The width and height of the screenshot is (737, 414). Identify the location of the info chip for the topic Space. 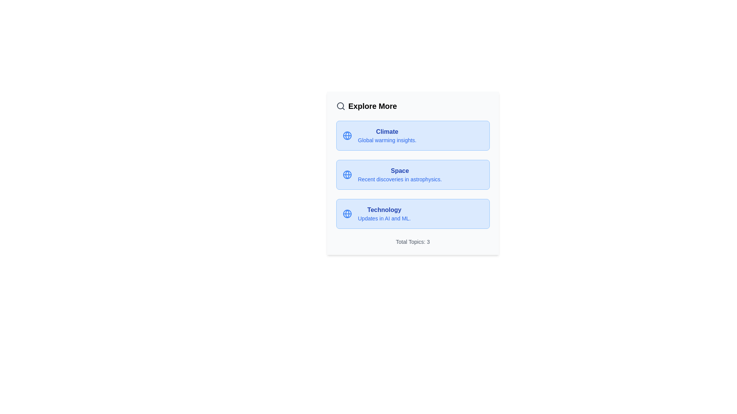
(412, 174).